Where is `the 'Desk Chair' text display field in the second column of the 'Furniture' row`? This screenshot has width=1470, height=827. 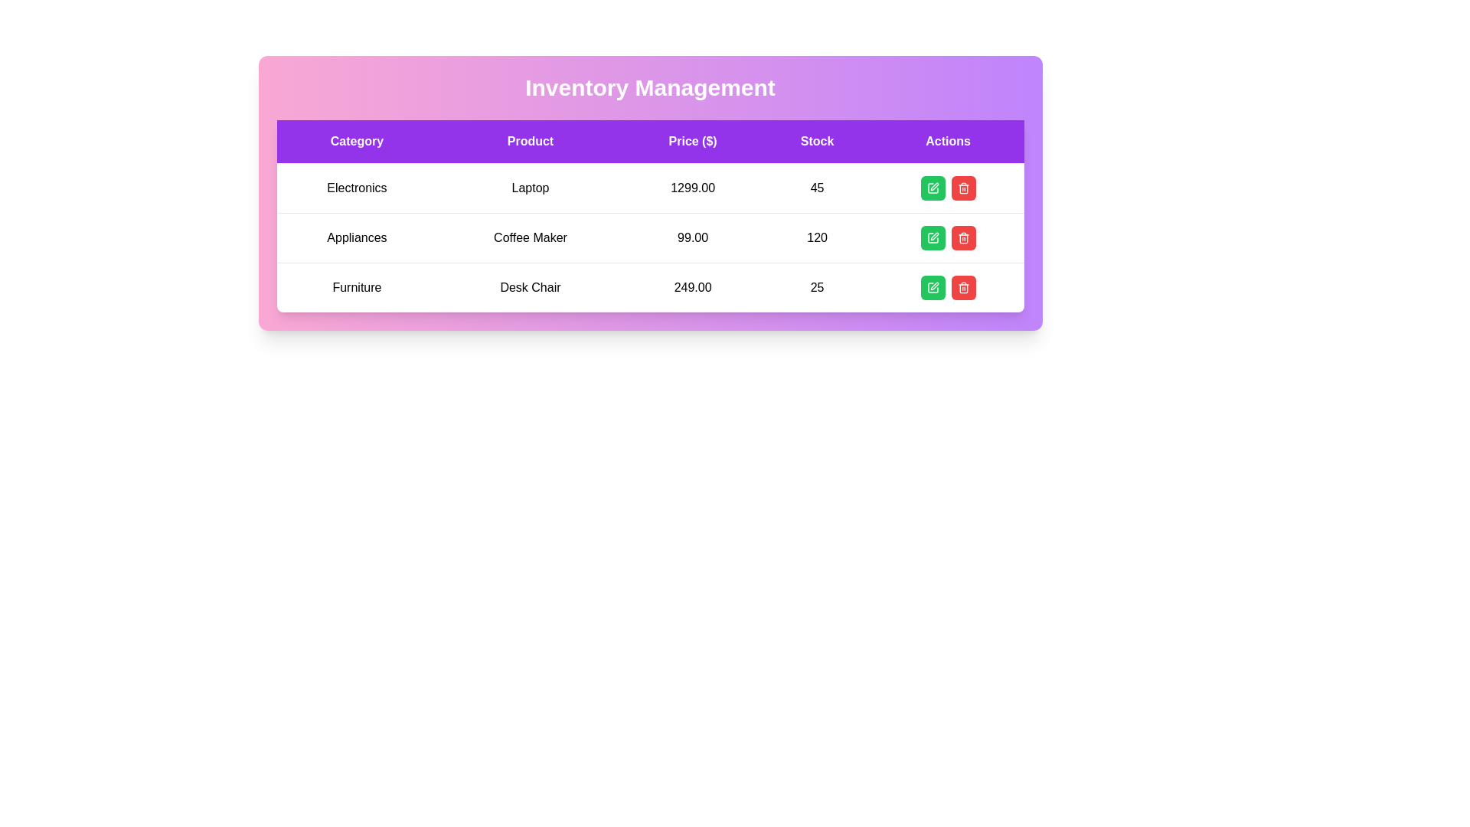 the 'Desk Chair' text display field in the second column of the 'Furniture' row is located at coordinates (530, 287).